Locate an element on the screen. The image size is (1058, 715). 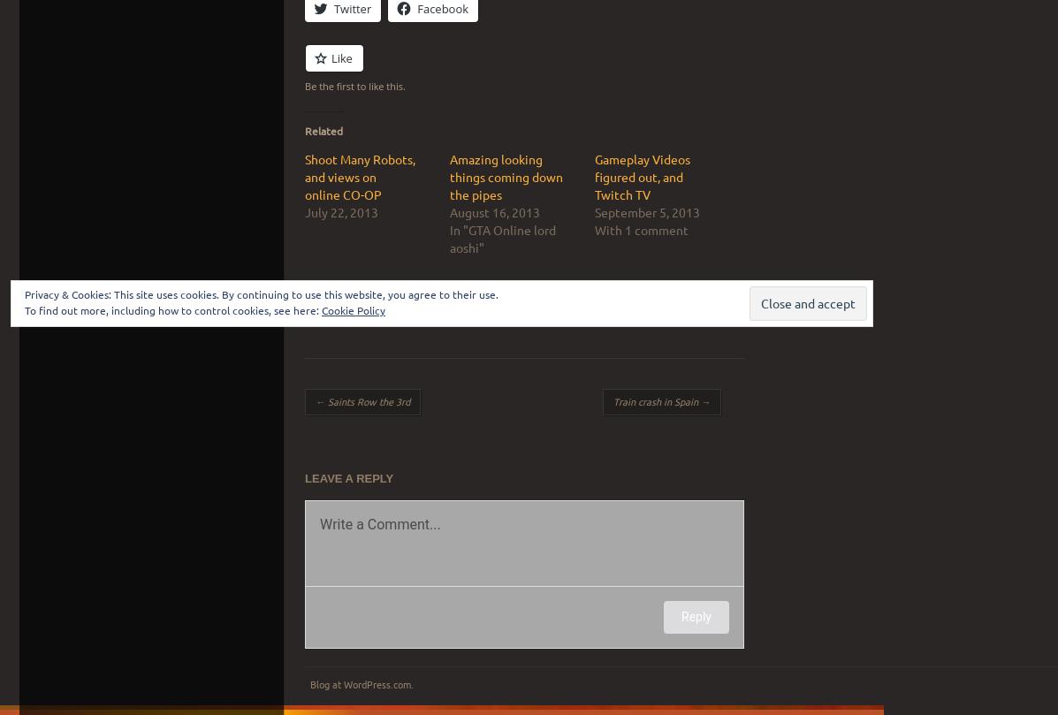
'To find out more, including how to control cookies, see here:' is located at coordinates (172, 310).